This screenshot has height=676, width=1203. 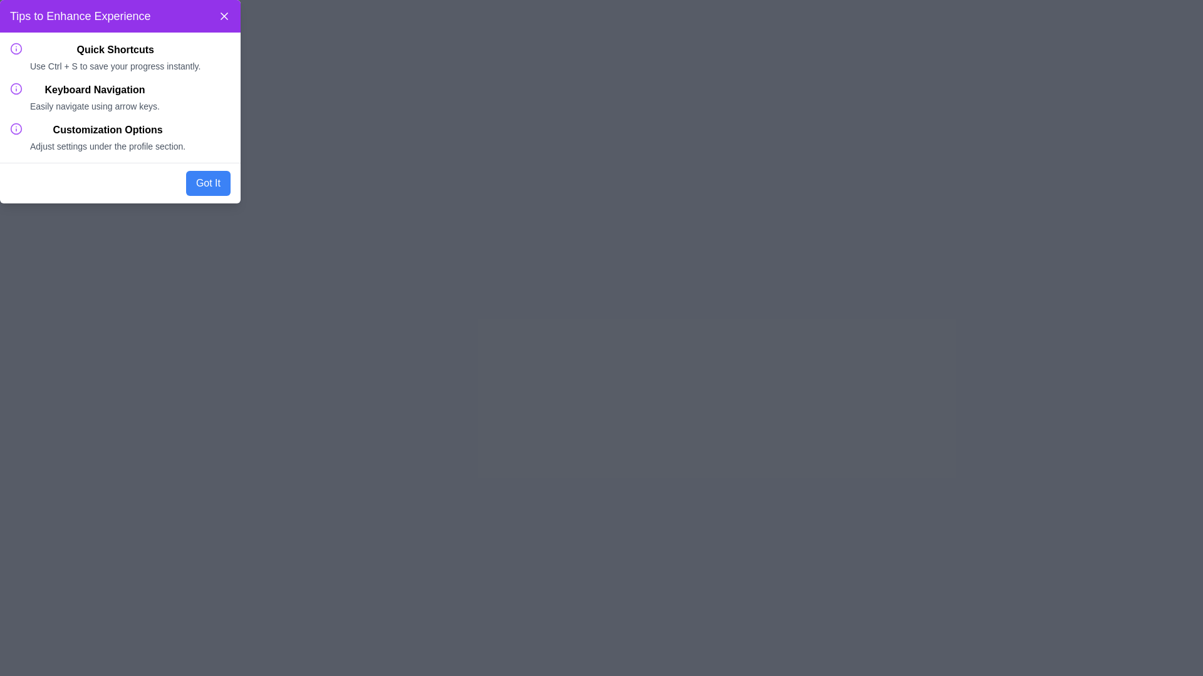 I want to click on the Text label that provides additional information about the customization options, located below the 'Customization Options' in the third section of the modal box, so click(x=108, y=146).